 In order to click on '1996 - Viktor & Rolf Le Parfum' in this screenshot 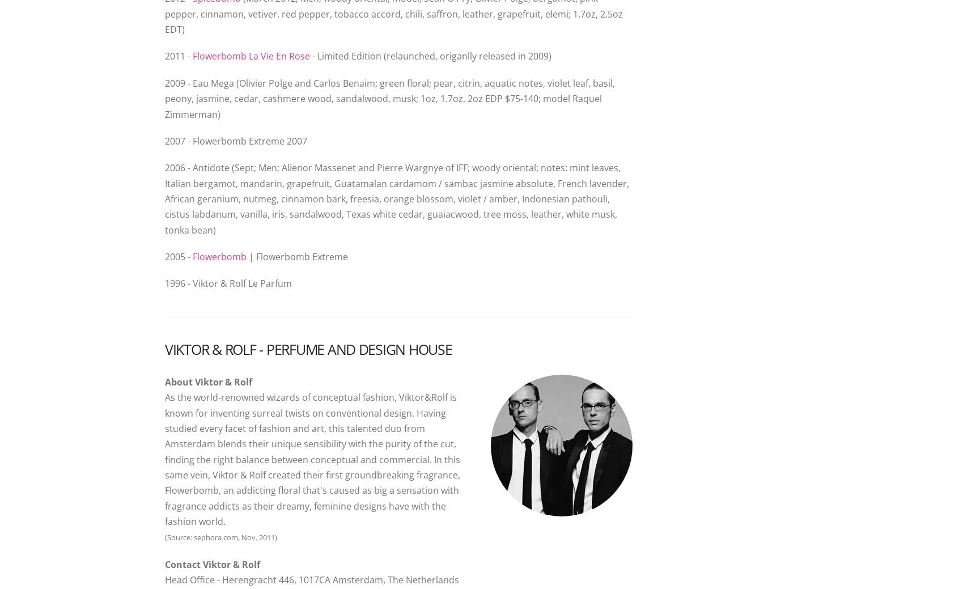, I will do `click(164, 282)`.